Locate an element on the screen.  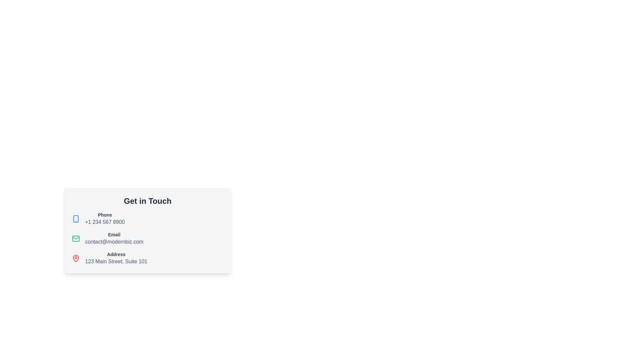
the contact email text element located beneath the 'Email' label, centered horizontally within the card is located at coordinates (114, 242).